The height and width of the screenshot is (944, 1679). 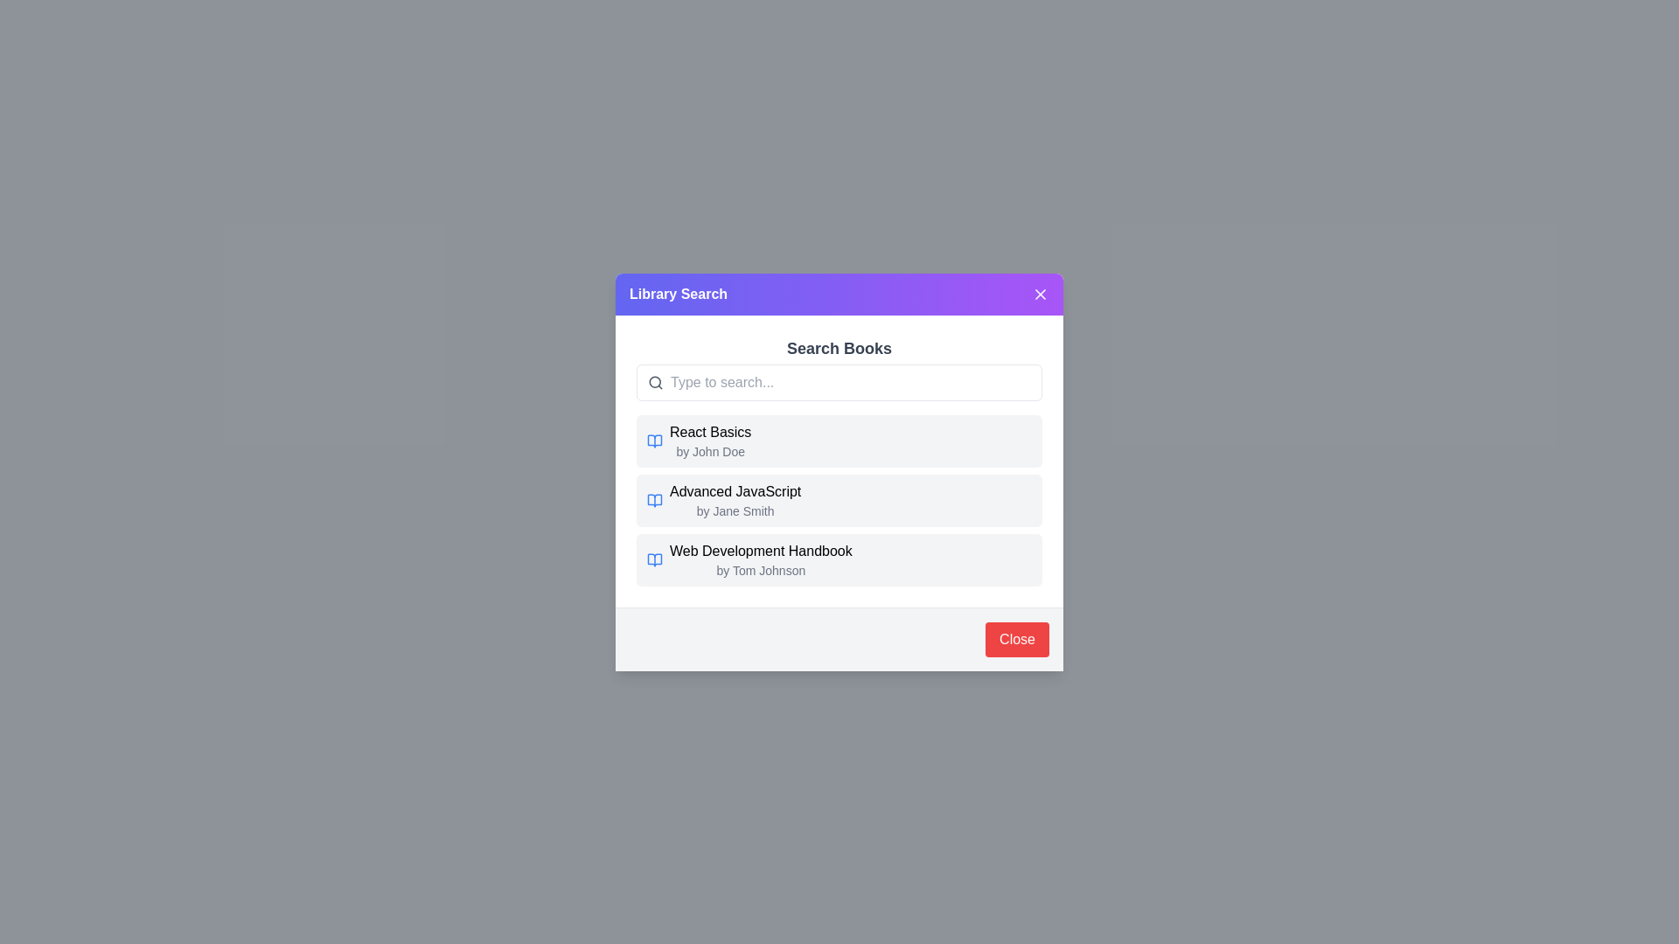 What do you see at coordinates (735, 510) in the screenshot?
I see `the text label displaying 'by Jane Smith', which is positioned below the 'Advanced JavaScript' title in a list of books` at bounding box center [735, 510].